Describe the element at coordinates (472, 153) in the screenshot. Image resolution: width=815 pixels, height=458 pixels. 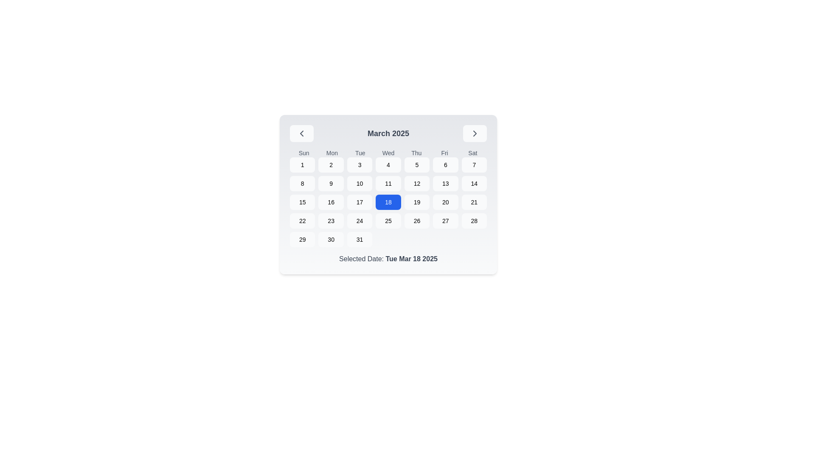
I see `the static text label displaying 'Sat', which is the last element in a row of day labels above the calendar grid` at that location.